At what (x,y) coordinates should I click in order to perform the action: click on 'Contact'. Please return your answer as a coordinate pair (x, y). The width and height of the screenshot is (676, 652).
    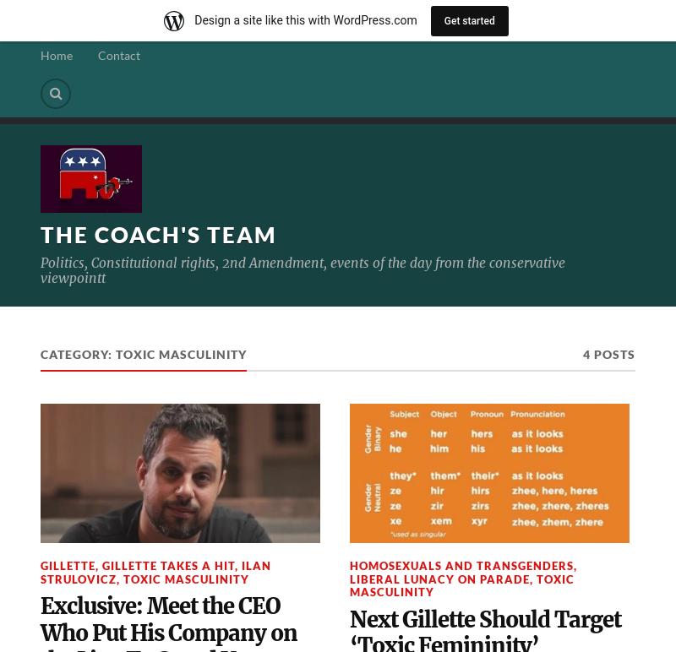
    Looking at the image, I should click on (118, 55).